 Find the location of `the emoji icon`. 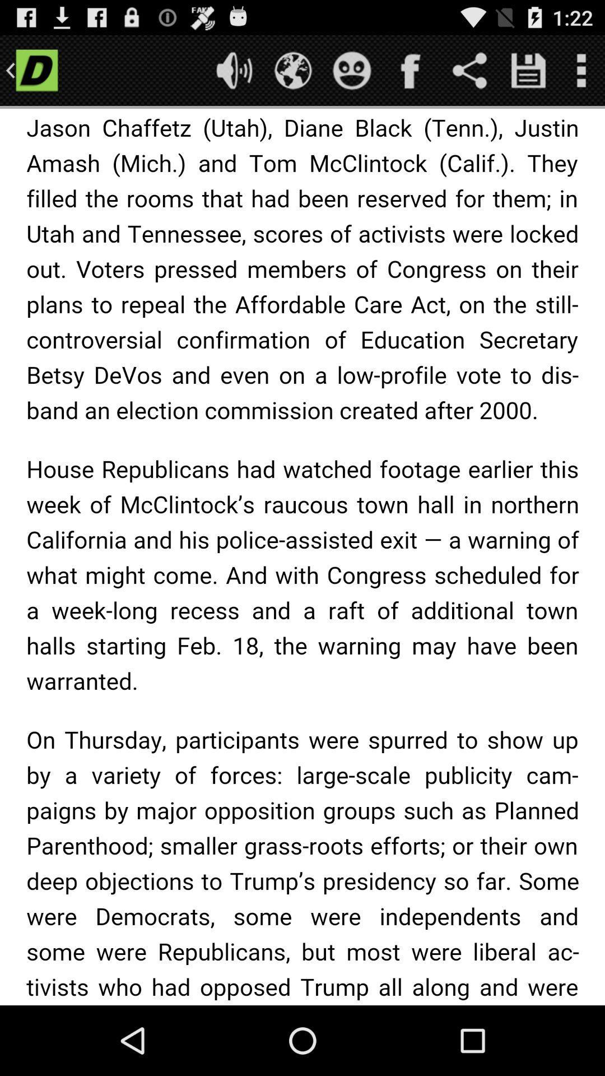

the emoji icon is located at coordinates (351, 75).